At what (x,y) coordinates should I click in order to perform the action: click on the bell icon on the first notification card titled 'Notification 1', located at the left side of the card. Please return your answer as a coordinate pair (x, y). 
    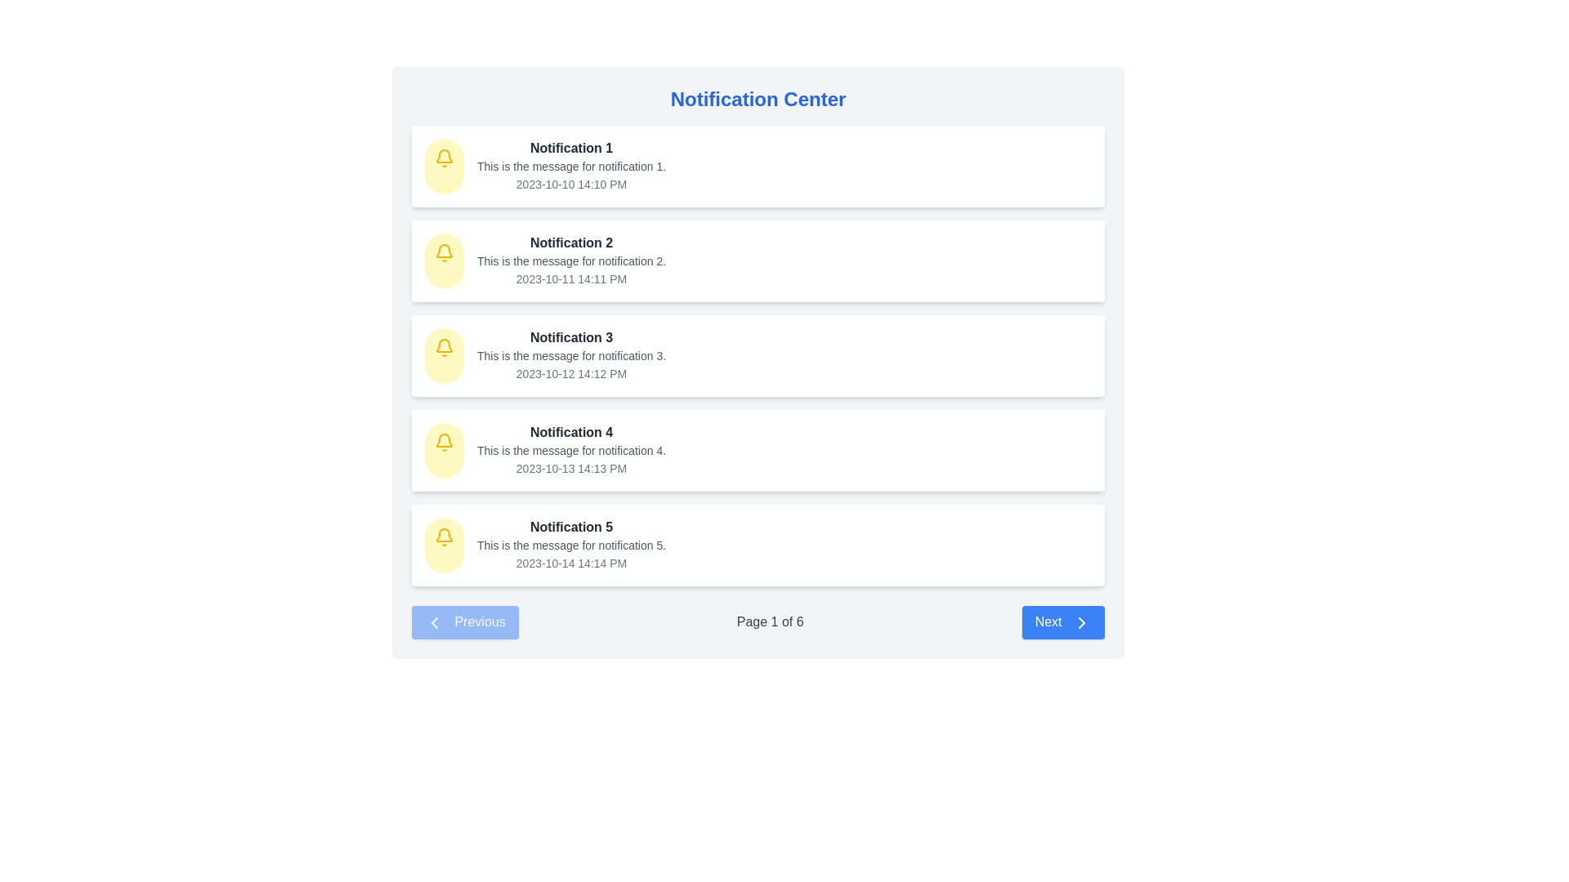
    Looking at the image, I should click on (444, 535).